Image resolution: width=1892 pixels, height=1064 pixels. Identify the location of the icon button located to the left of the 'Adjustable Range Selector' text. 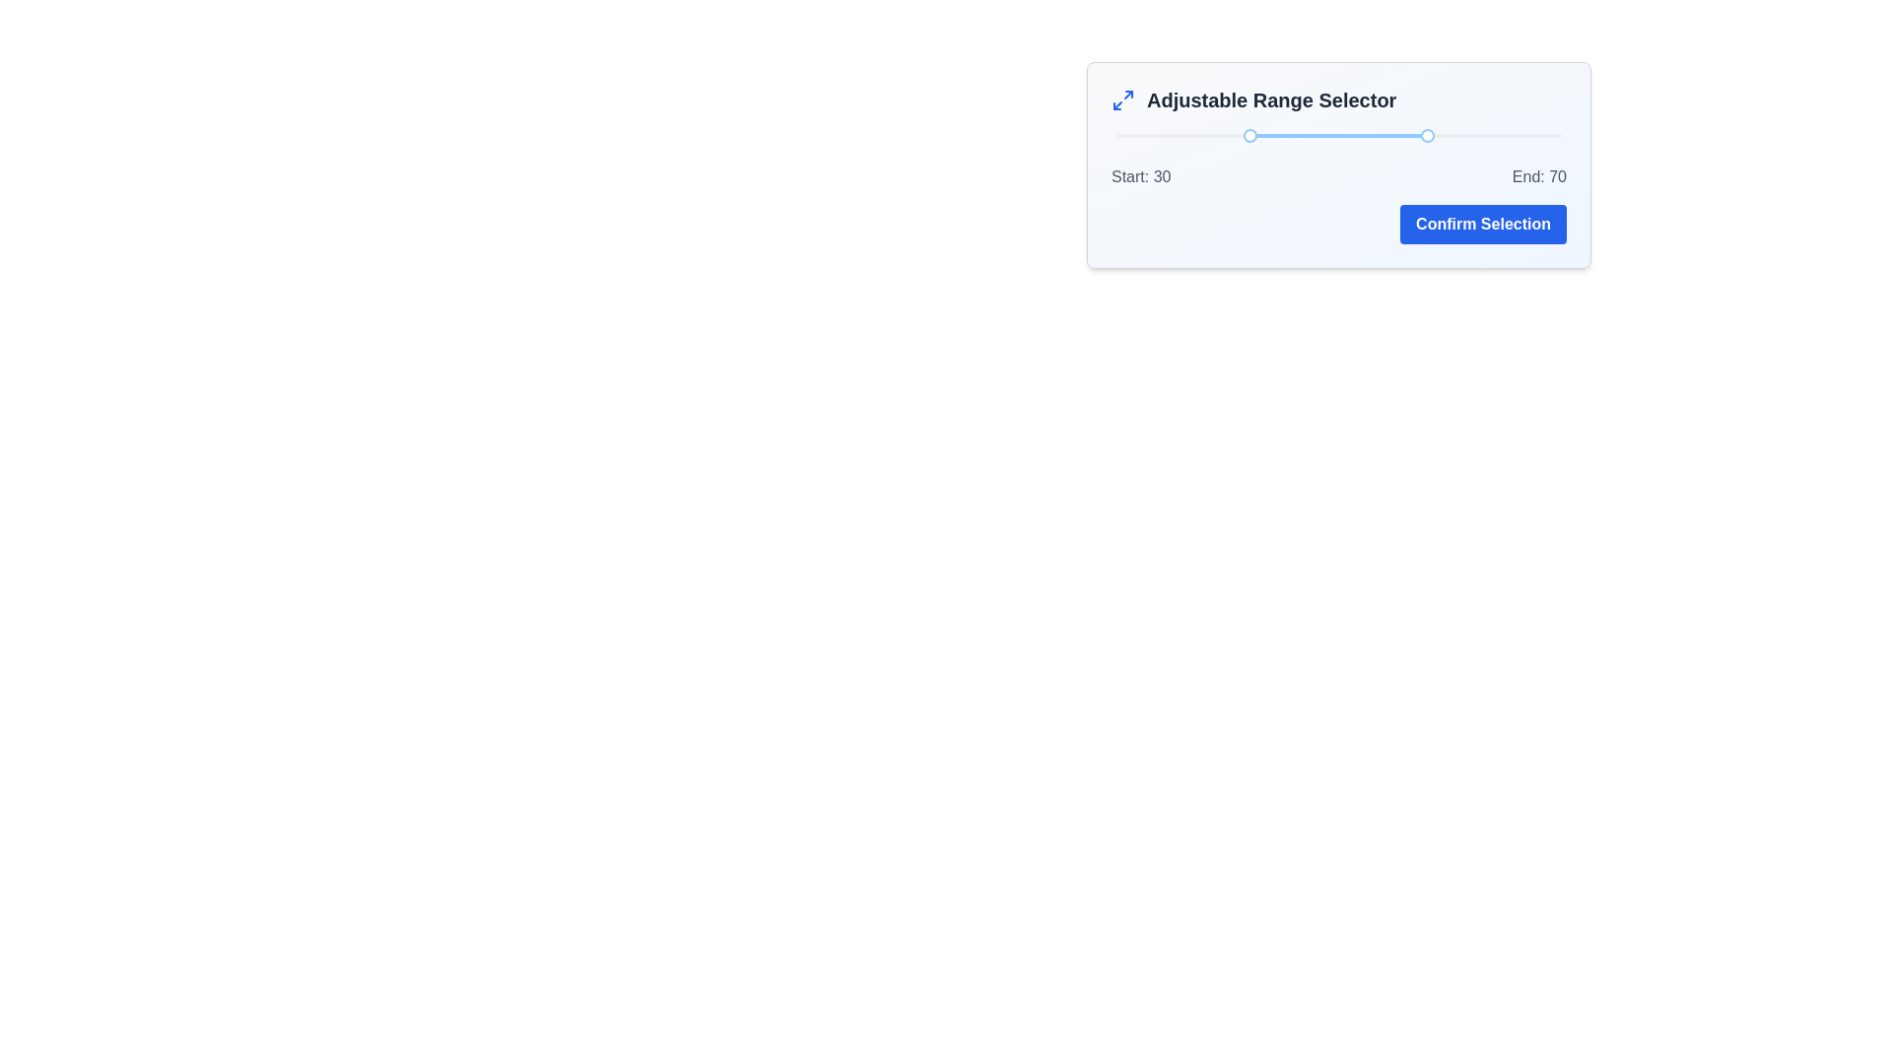
(1123, 100).